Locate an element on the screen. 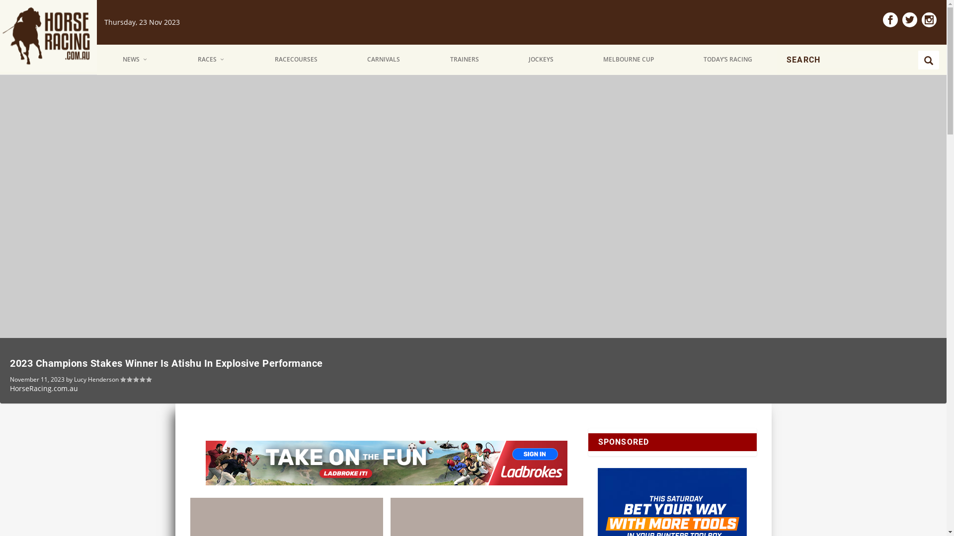 This screenshot has width=954, height=536. 'RACES' is located at coordinates (211, 60).